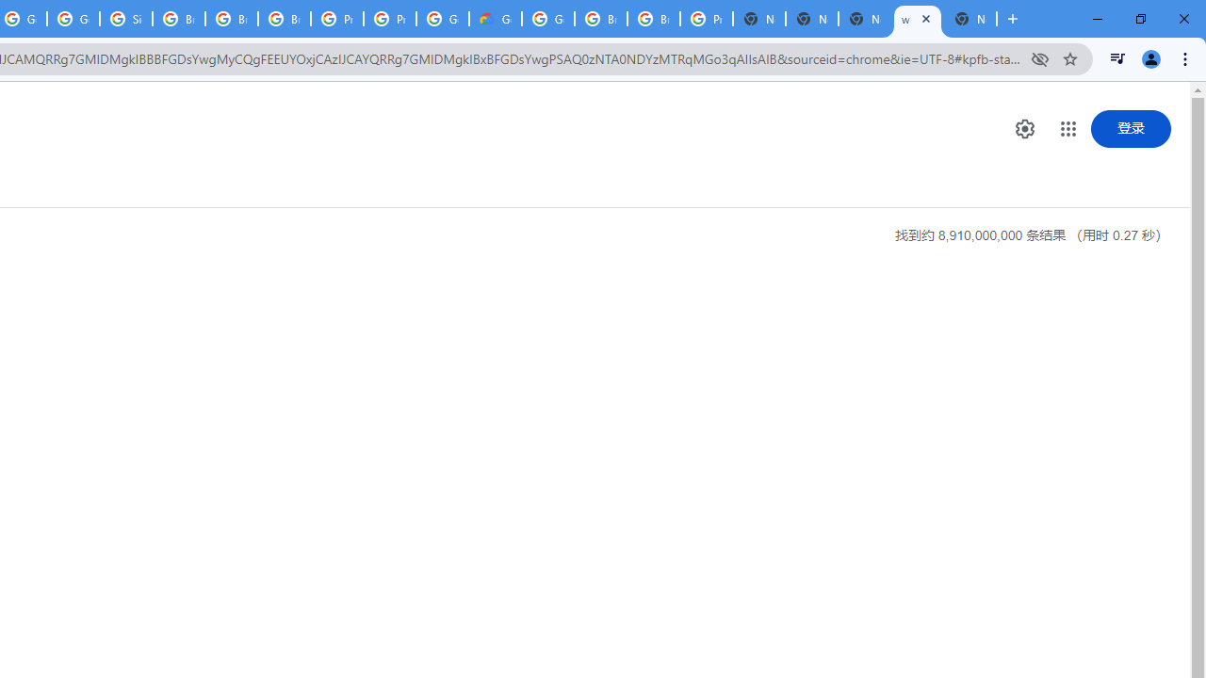  What do you see at coordinates (125, 19) in the screenshot?
I see `'Sign in - Google Accounts'` at bounding box center [125, 19].